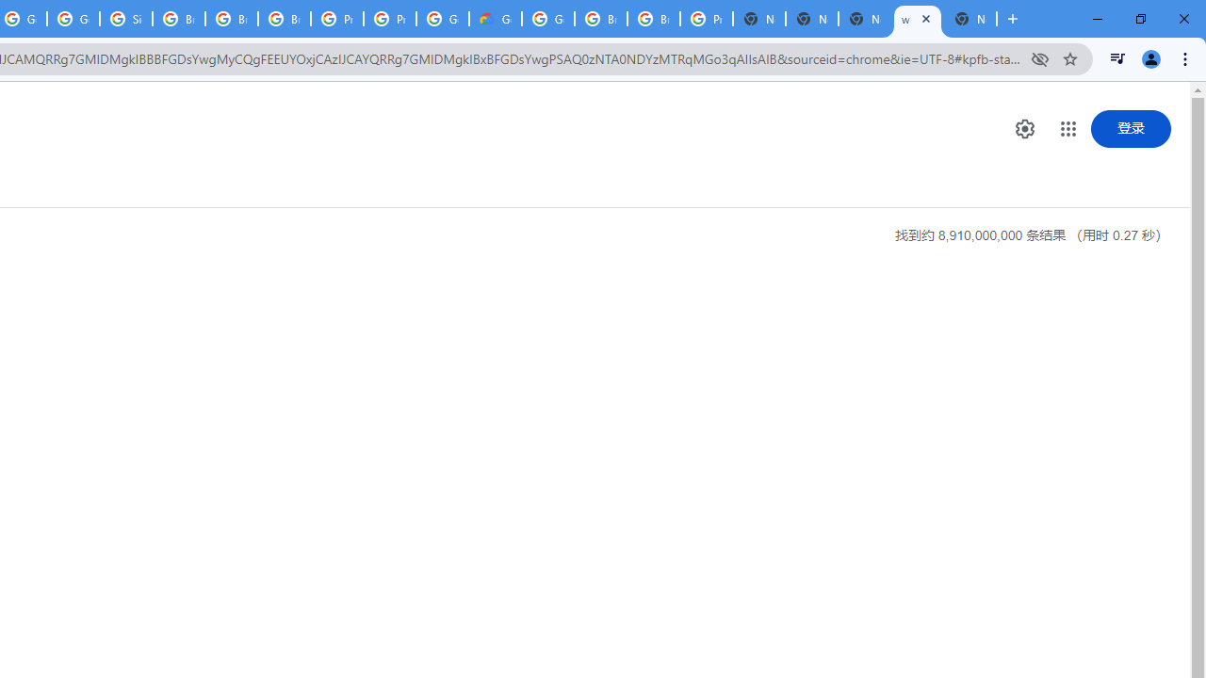  What do you see at coordinates (125, 19) in the screenshot?
I see `'Sign in - Google Accounts'` at bounding box center [125, 19].